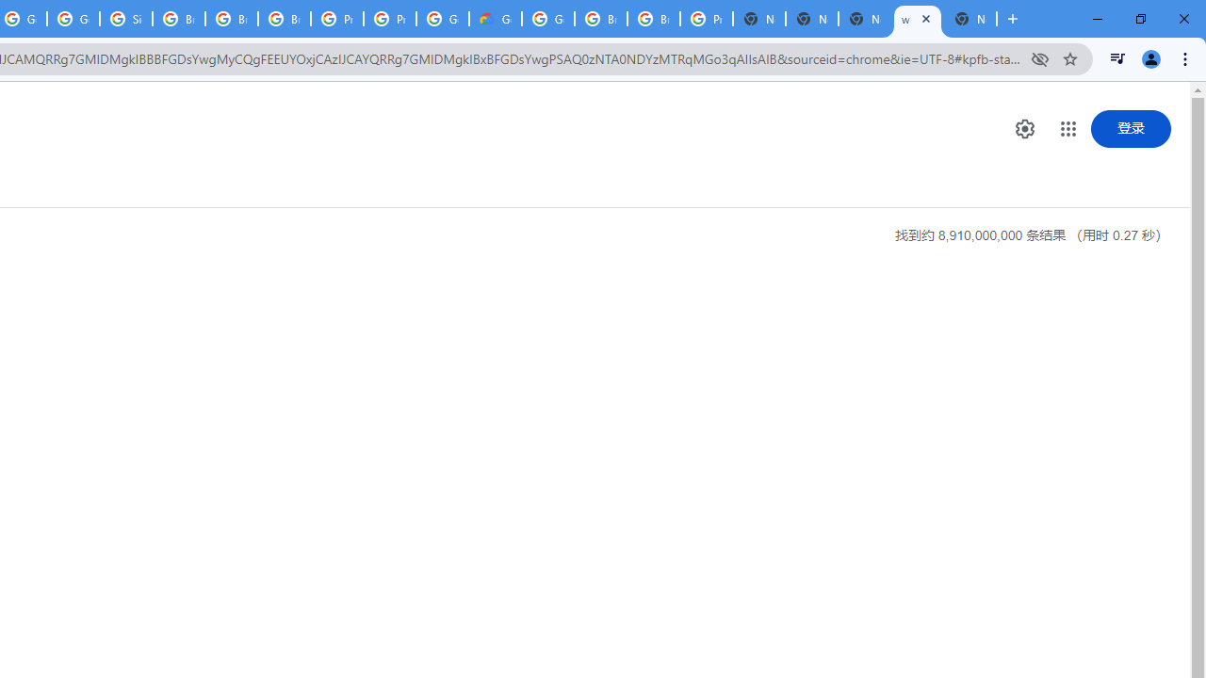  What do you see at coordinates (125, 19) in the screenshot?
I see `'Sign in - Google Accounts'` at bounding box center [125, 19].